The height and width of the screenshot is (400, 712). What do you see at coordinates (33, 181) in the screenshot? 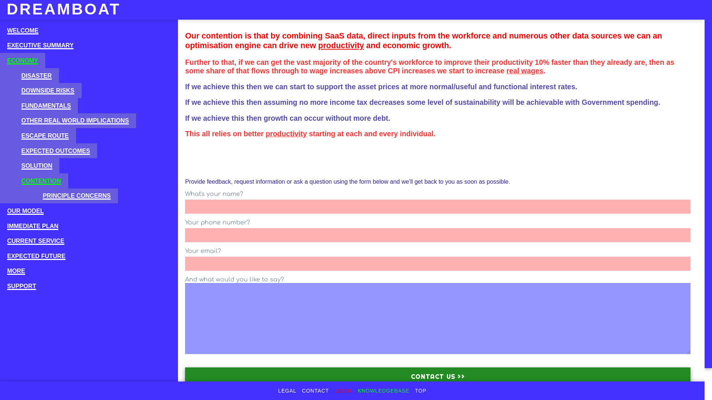
I see `'CONTENTION'` at bounding box center [33, 181].